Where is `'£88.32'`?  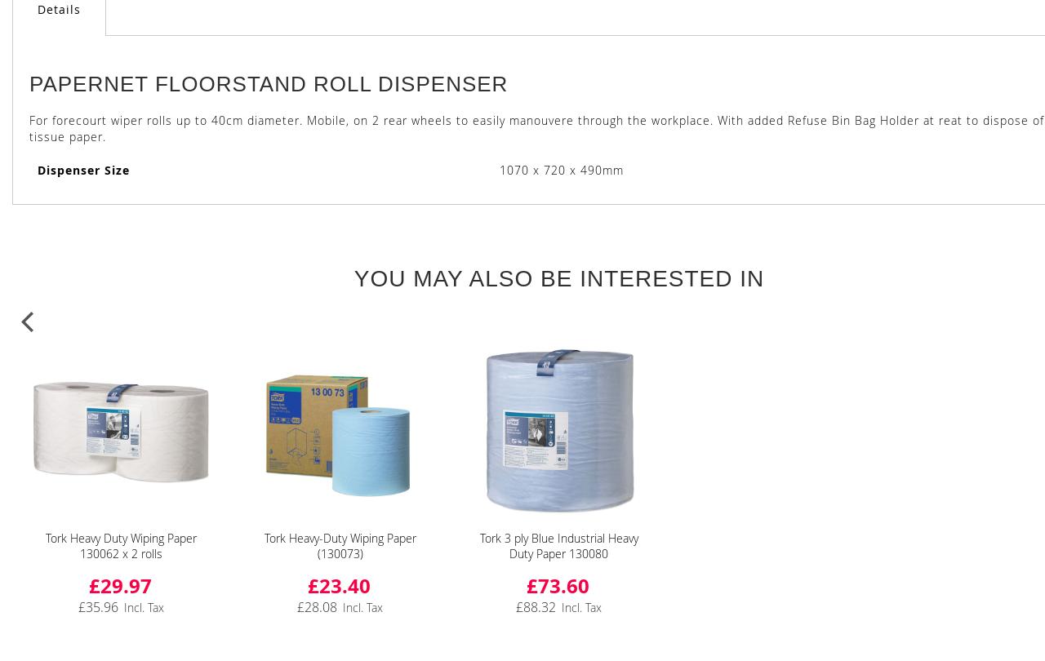
'£88.32' is located at coordinates (536, 606).